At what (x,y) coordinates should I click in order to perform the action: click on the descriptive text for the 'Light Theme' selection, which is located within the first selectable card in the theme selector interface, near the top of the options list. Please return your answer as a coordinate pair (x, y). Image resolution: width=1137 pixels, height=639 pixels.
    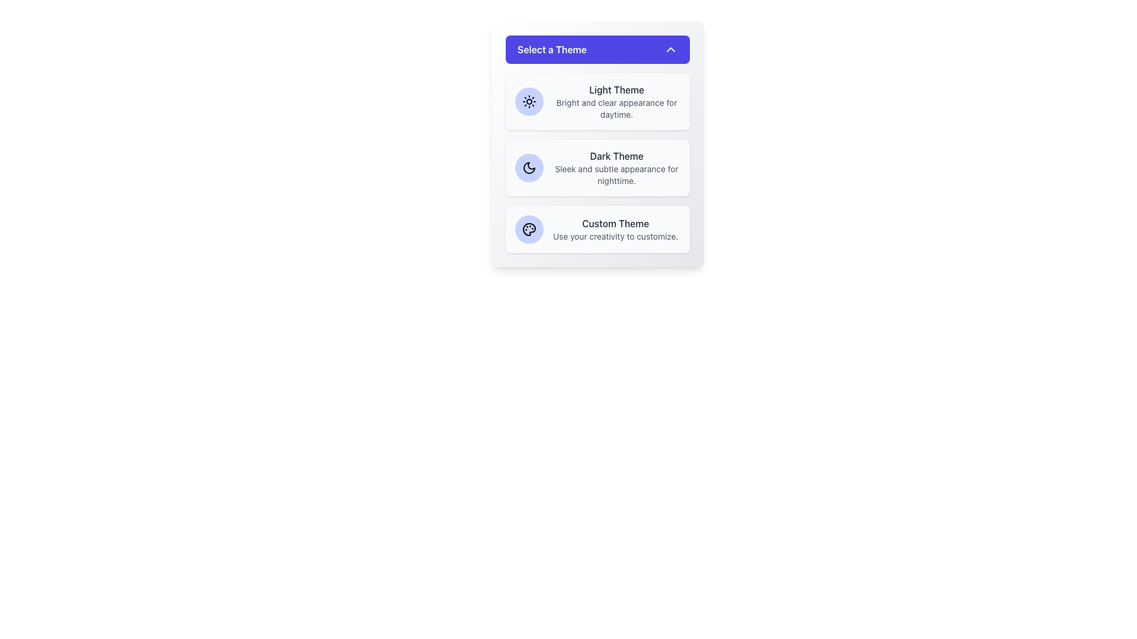
    Looking at the image, I should click on (616, 101).